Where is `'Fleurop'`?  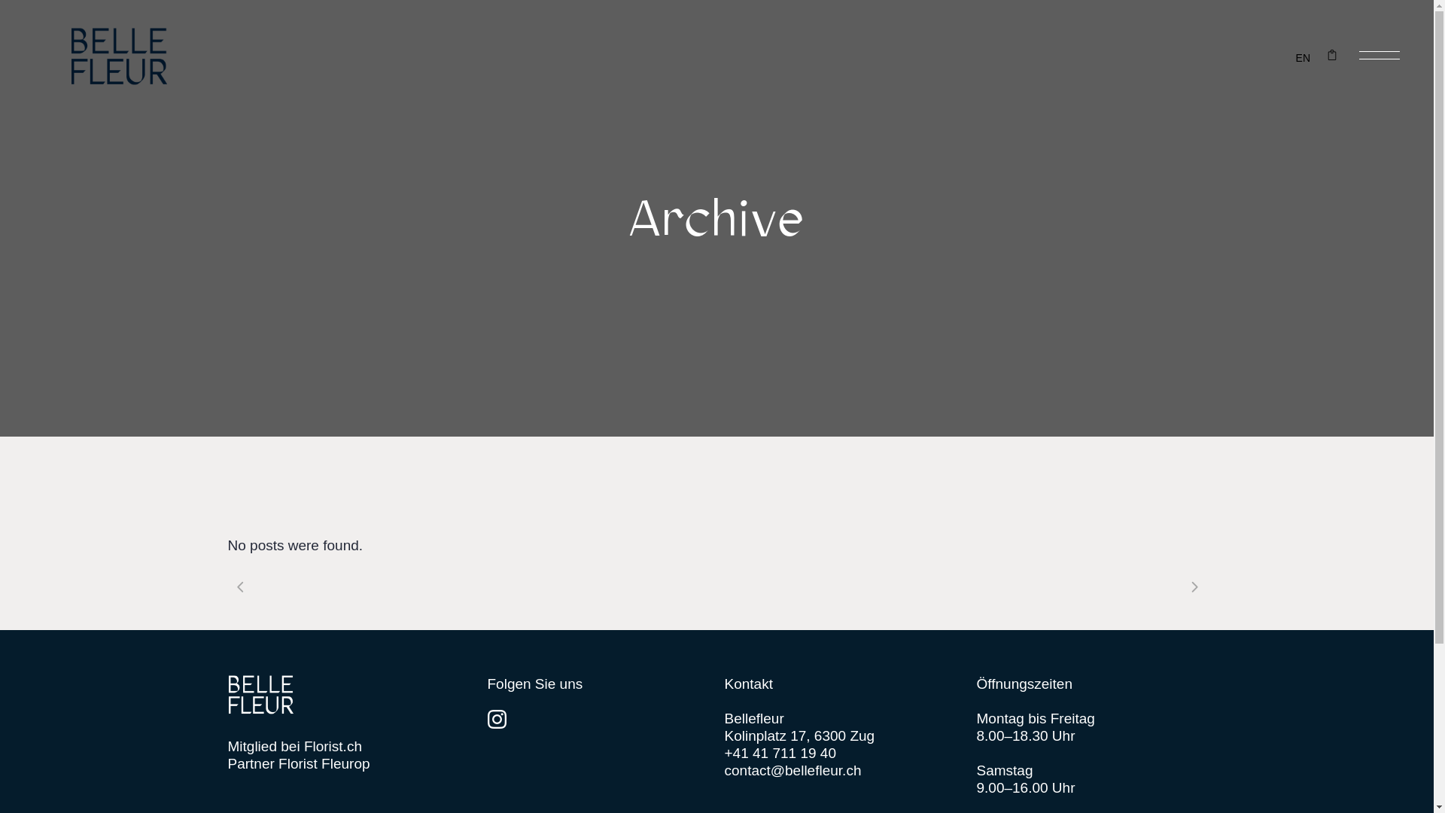 'Fleurop' is located at coordinates (345, 763).